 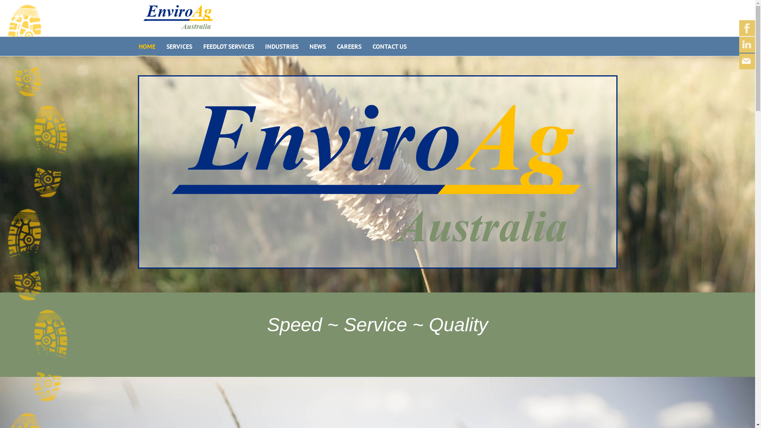 I want to click on 'HOME', so click(x=147, y=46).